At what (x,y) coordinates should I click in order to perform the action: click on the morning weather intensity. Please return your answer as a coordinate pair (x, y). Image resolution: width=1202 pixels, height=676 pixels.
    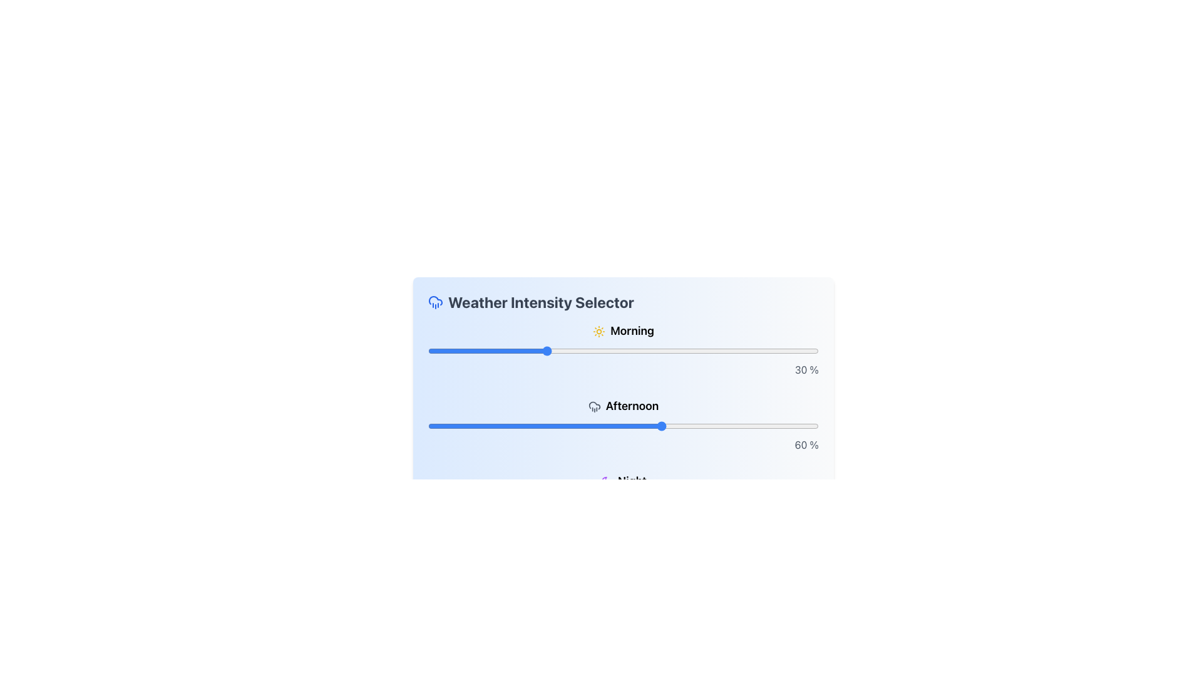
    Looking at the image, I should click on (592, 351).